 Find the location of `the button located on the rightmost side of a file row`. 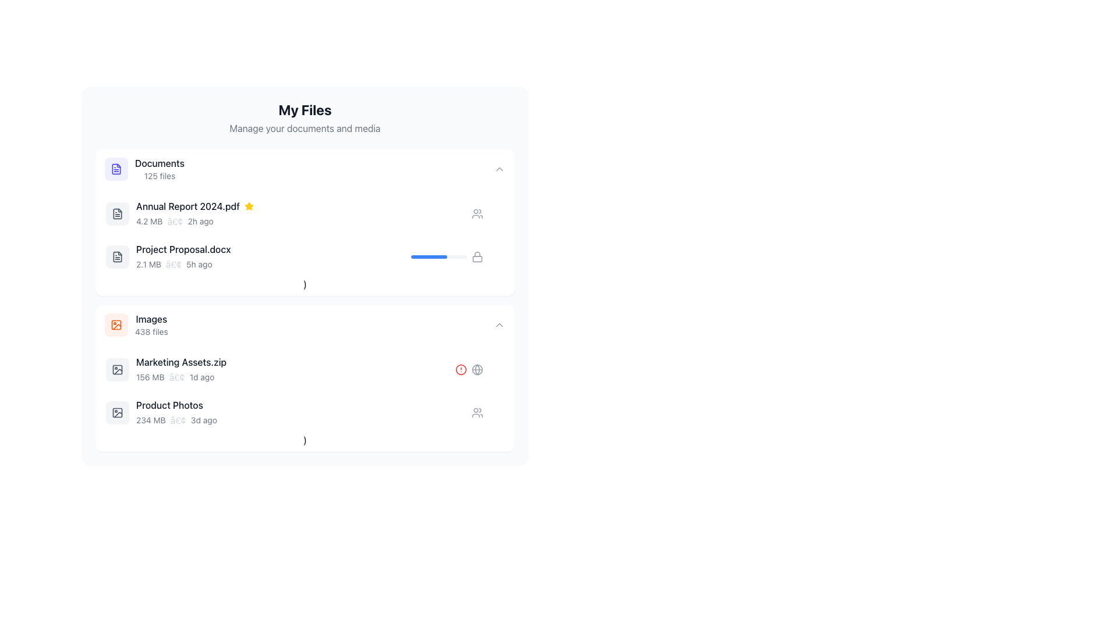

the button located on the rightmost side of a file row is located at coordinates (496, 412).